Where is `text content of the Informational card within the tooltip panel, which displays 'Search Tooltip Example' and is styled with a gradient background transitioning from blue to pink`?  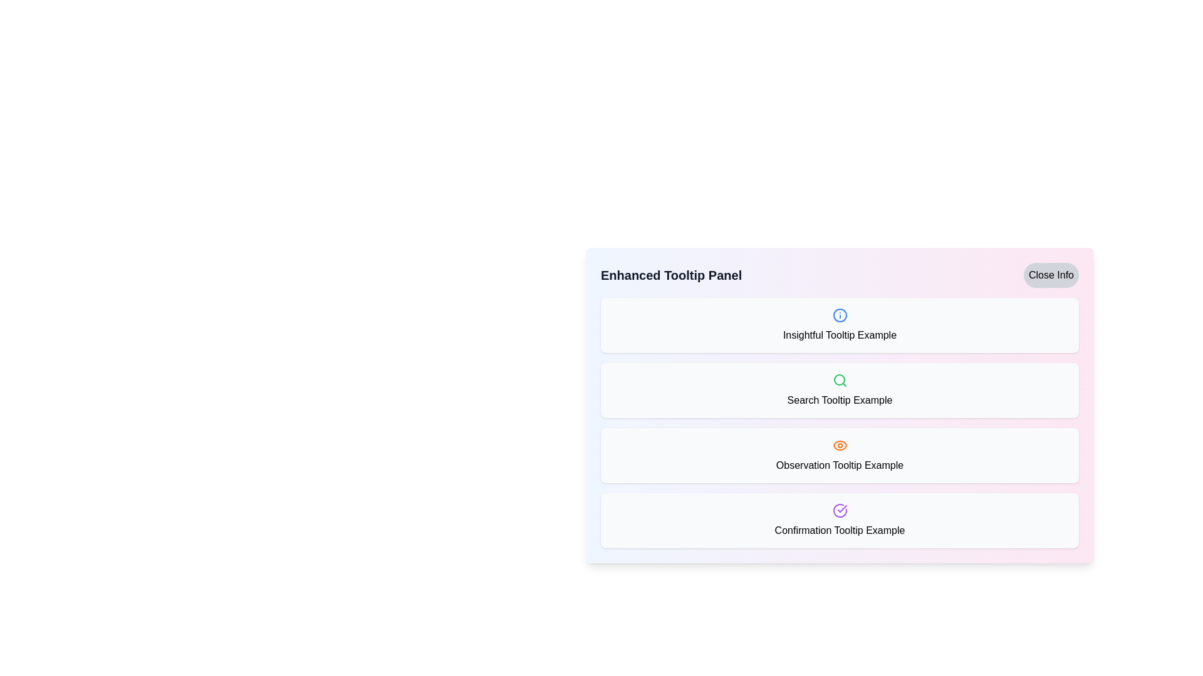
text content of the Informational card within the tooltip panel, which displays 'Search Tooltip Example' and is styled with a gradient background transitioning from blue to pink is located at coordinates (840, 406).